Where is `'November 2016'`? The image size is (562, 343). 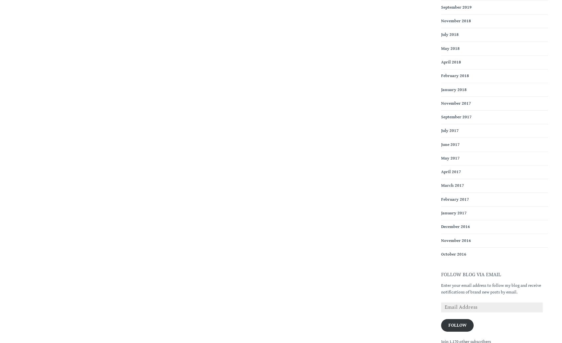
'November 2016' is located at coordinates (456, 240).